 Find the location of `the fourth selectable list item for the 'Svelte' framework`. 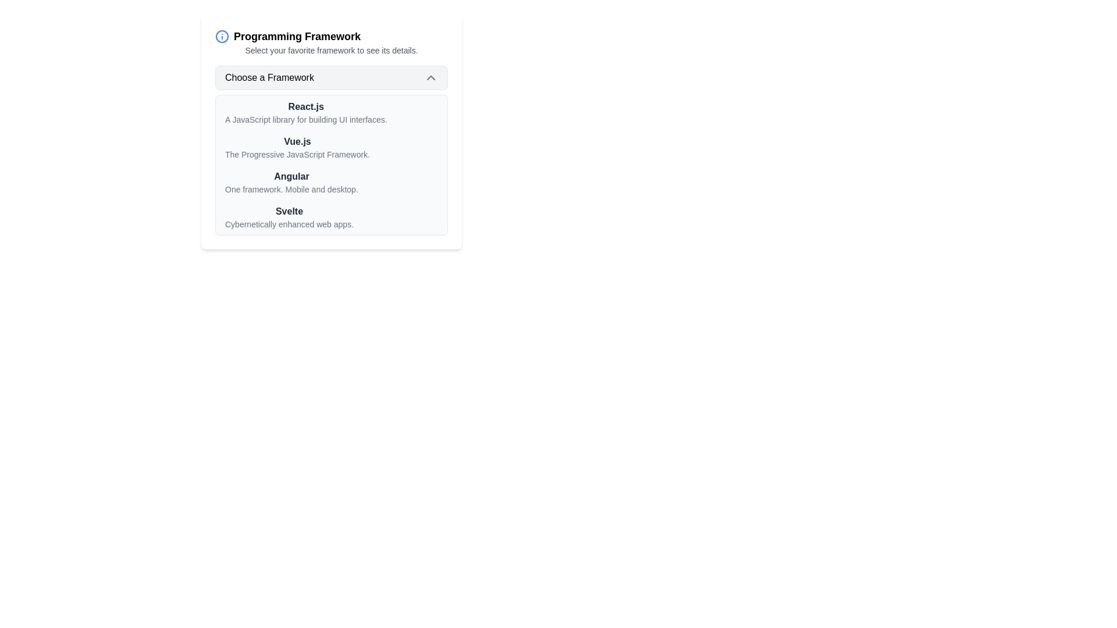

the fourth selectable list item for the 'Svelte' framework is located at coordinates (331, 217).